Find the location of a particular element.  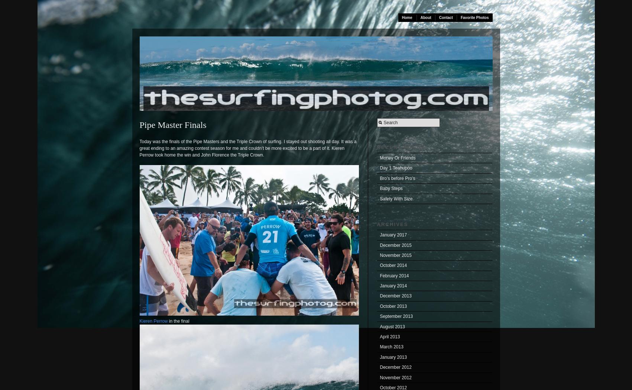

'November 2012' is located at coordinates (379, 377).